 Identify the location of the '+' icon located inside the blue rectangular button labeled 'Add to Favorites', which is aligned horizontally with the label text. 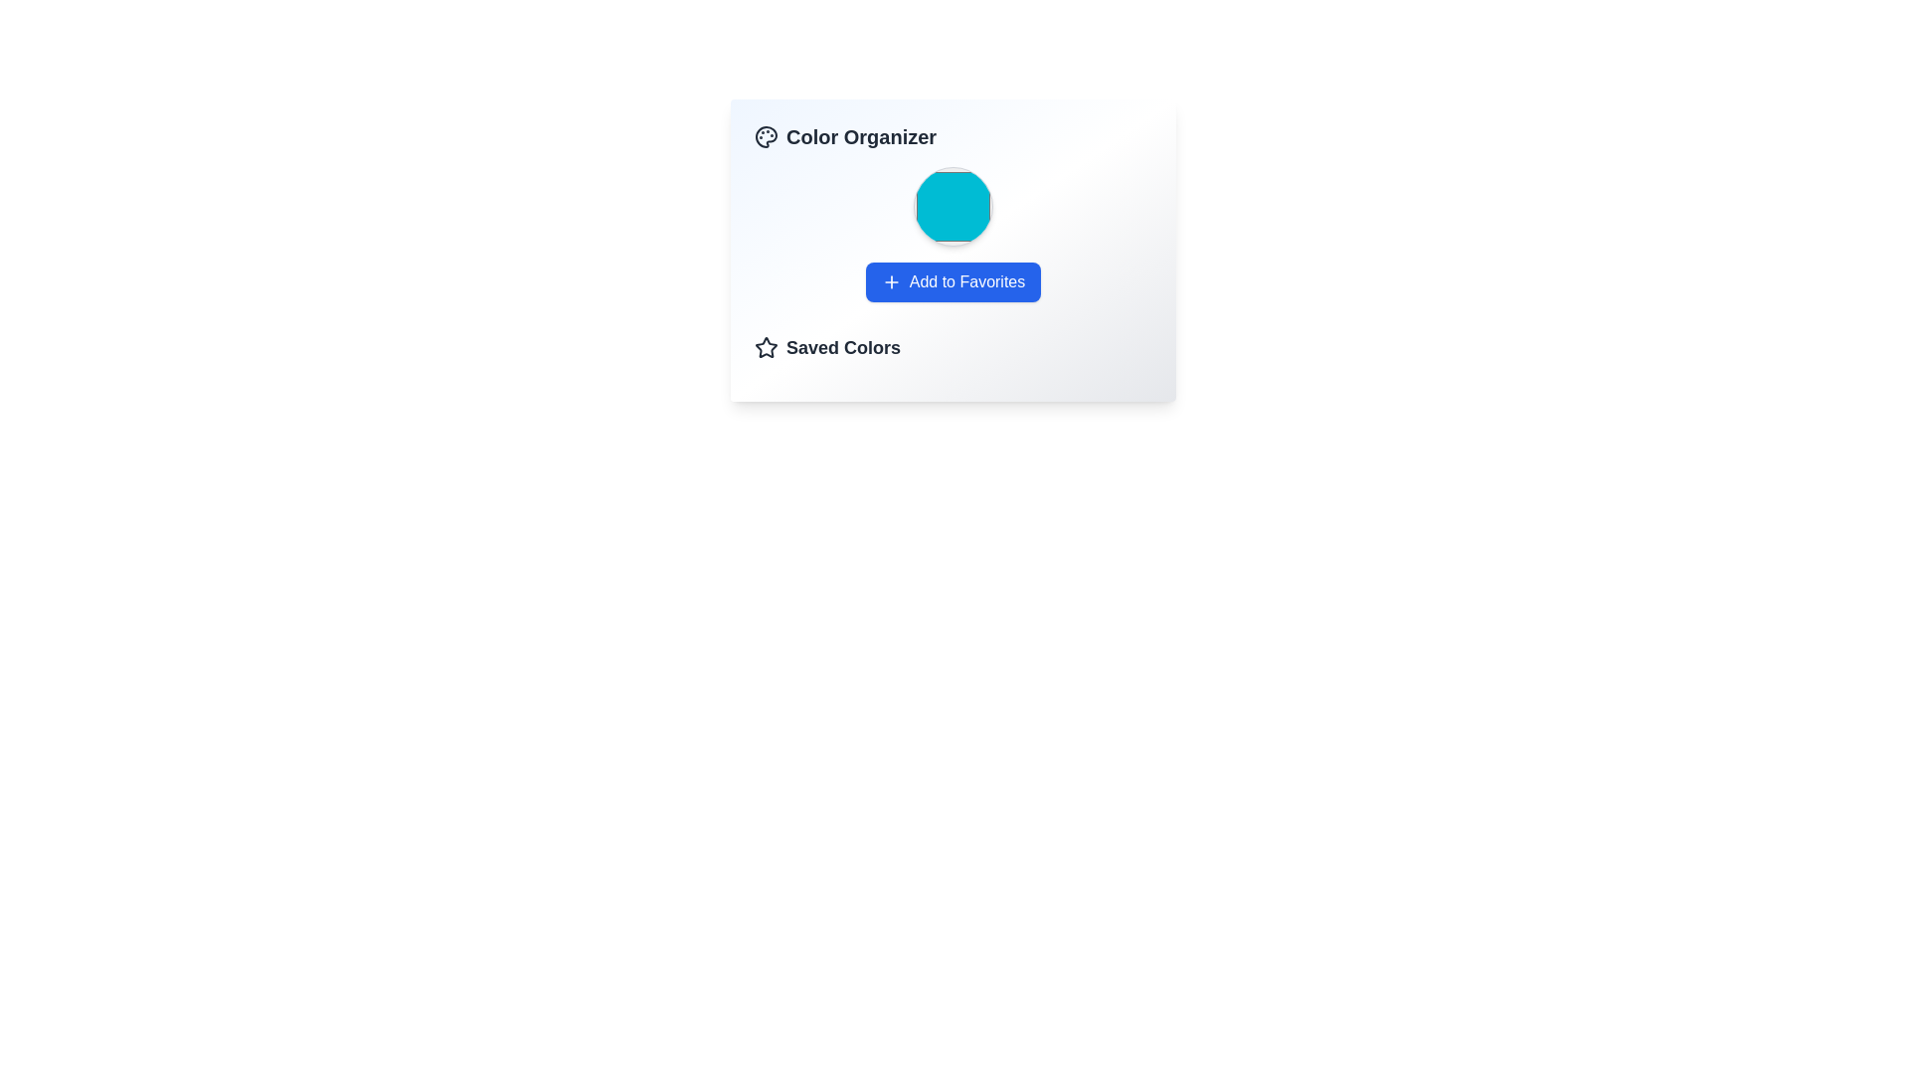
(890, 282).